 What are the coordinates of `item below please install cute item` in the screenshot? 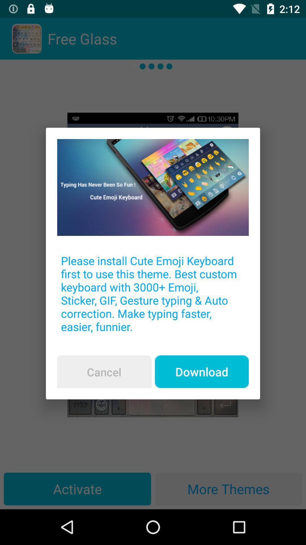 It's located at (104, 372).